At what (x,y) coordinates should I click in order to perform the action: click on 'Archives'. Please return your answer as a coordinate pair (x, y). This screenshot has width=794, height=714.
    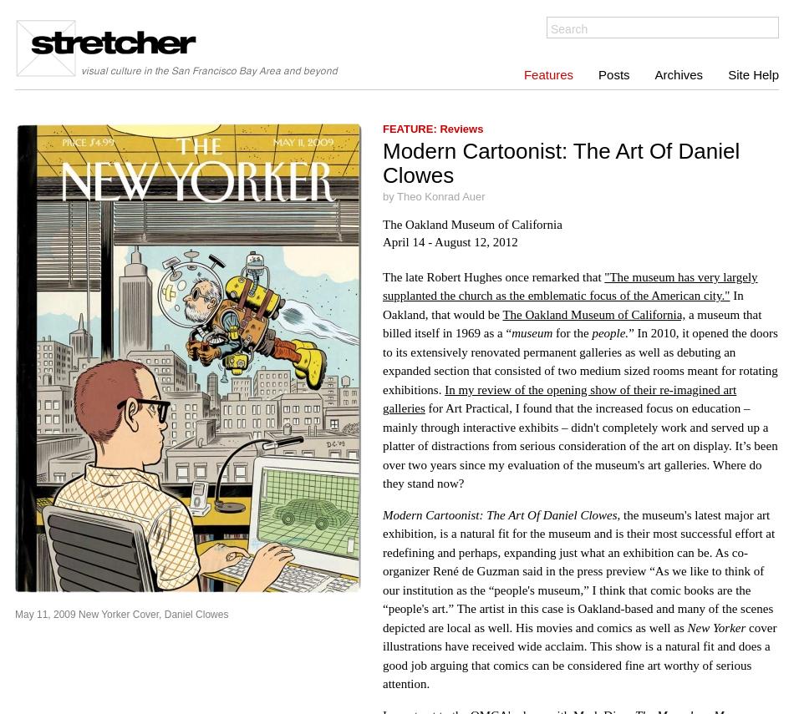
    Looking at the image, I should click on (677, 74).